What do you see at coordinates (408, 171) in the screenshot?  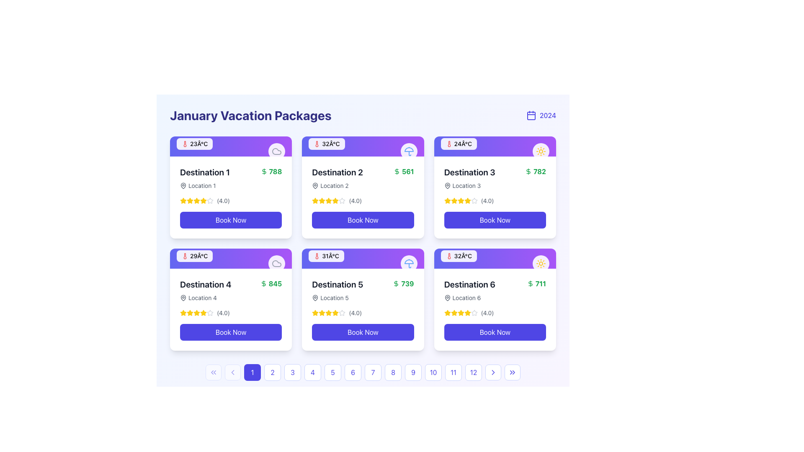 I see `the text label indicating the price in USD next to the green dollar sign icon on the card labeled 'Destination 2'` at bounding box center [408, 171].